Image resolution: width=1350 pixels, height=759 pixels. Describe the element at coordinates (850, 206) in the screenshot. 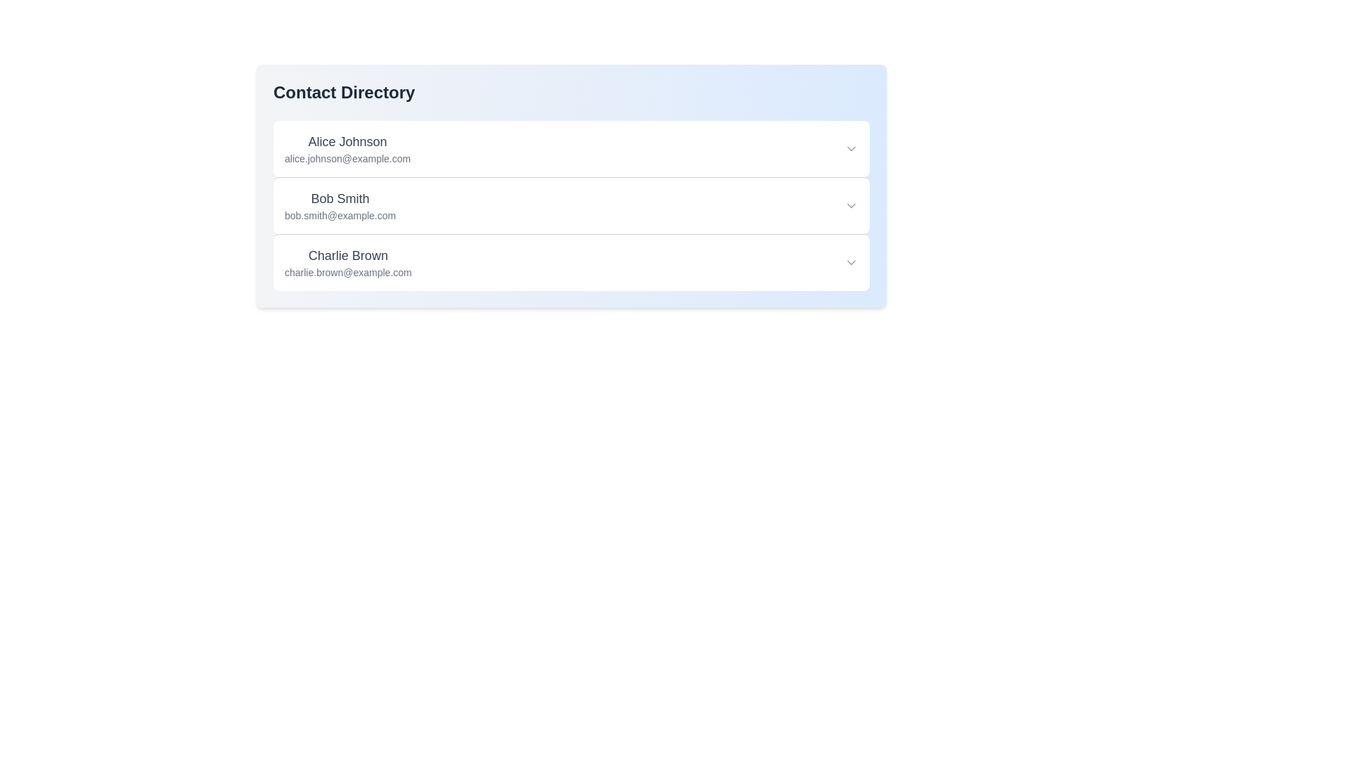

I see `the small downward-pointing chevron icon button at the far-right edge of the contact information section for 'Bob Smith'` at that location.